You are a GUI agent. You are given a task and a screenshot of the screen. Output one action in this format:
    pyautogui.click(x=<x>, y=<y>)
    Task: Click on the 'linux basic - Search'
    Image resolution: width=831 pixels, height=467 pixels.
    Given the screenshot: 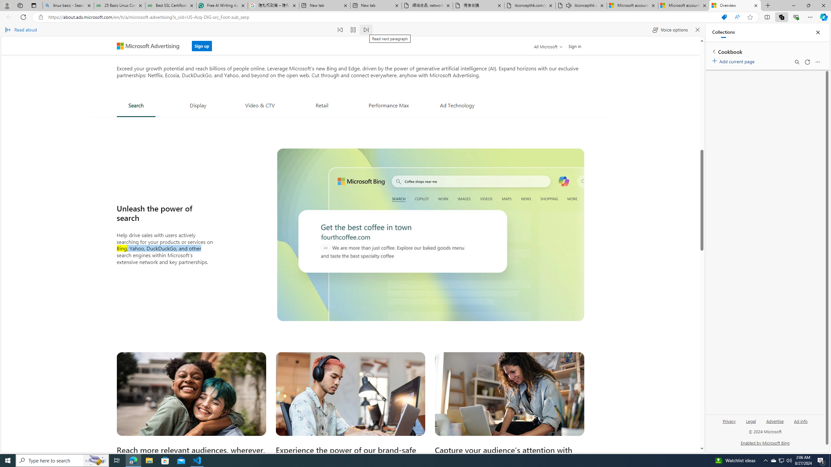 What is the action you would take?
    pyautogui.click(x=68, y=5)
    